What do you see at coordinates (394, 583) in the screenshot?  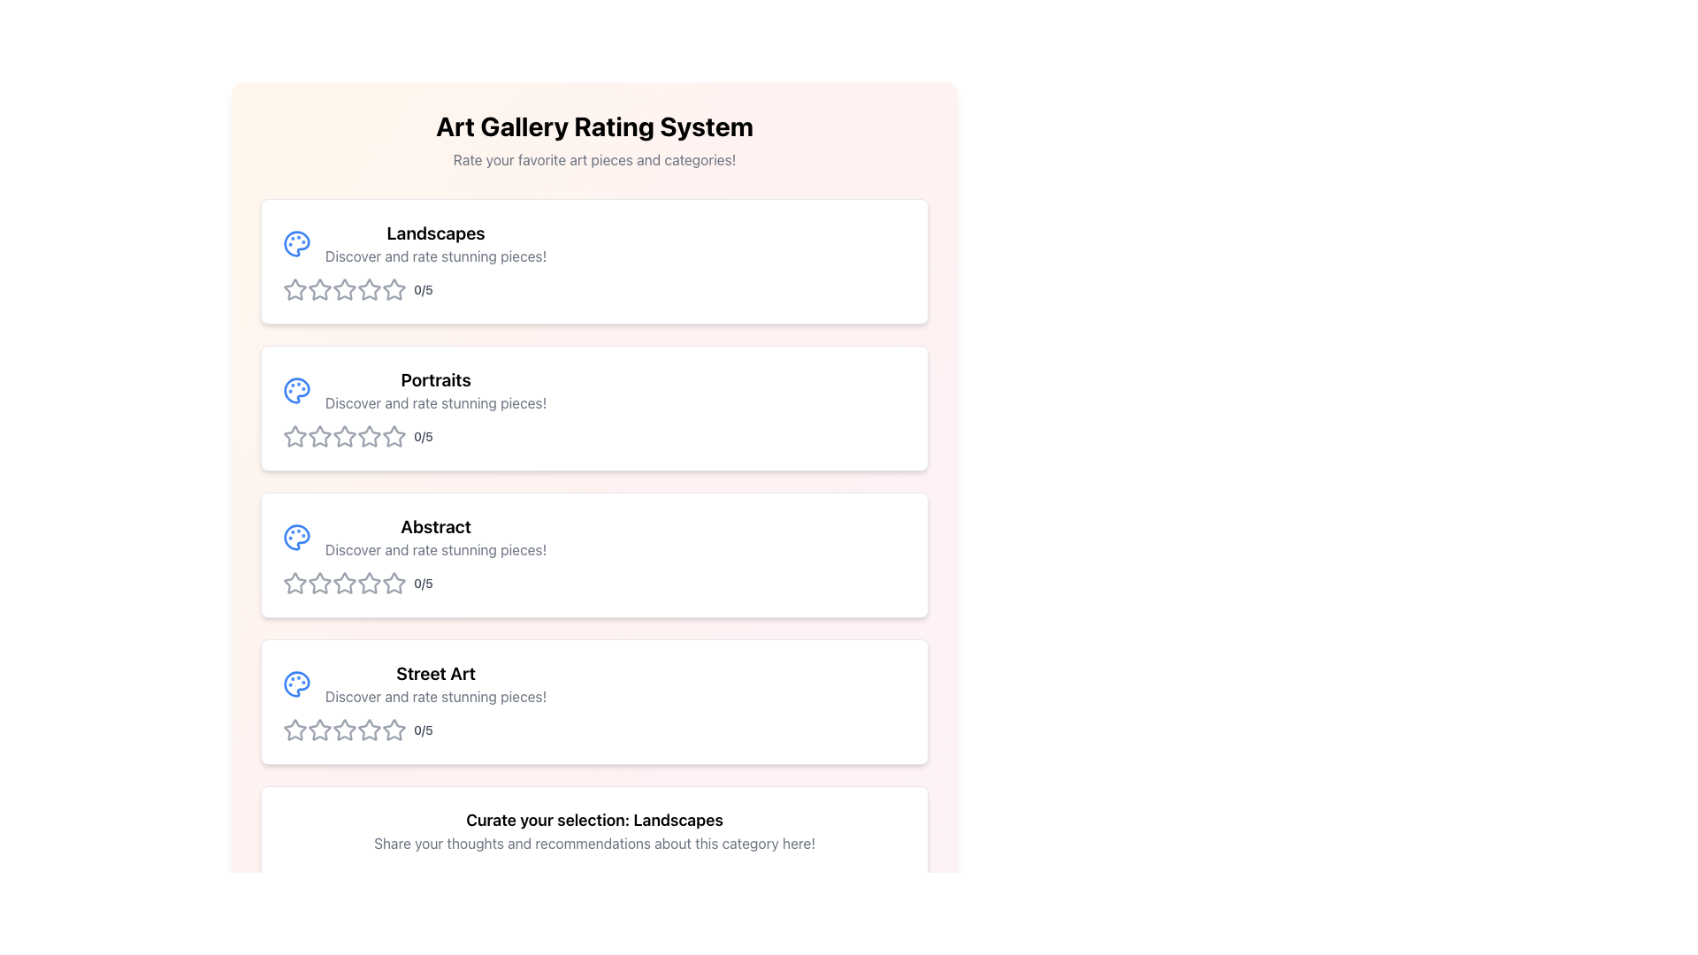 I see `the fifth star icon in the rating system for the 'Abstract' category to increase the rating by one star` at bounding box center [394, 583].